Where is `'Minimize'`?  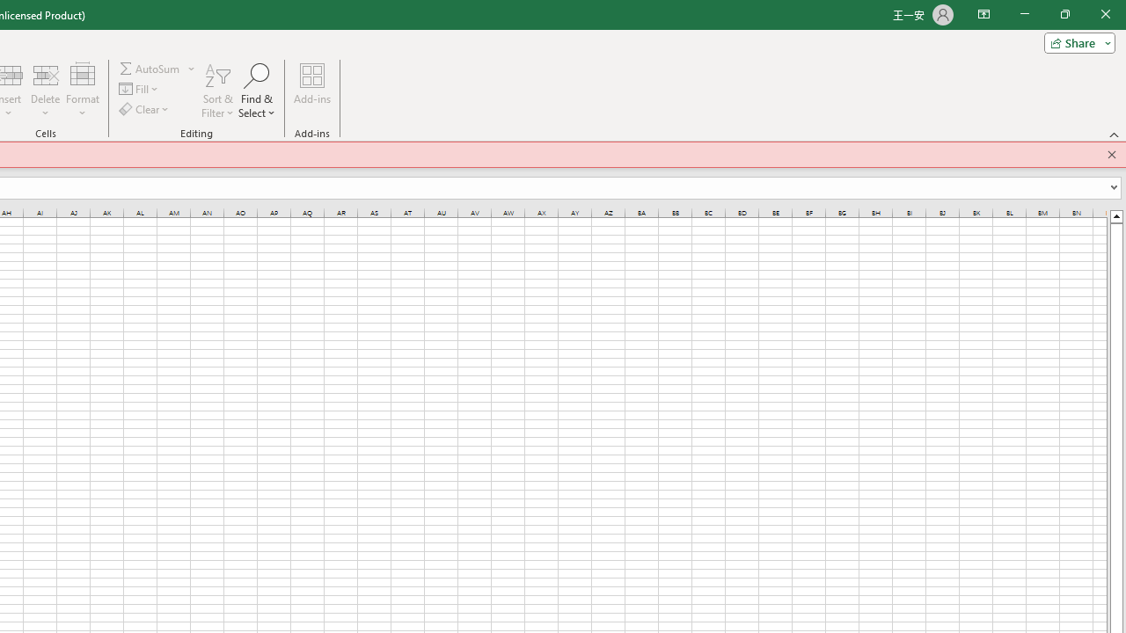
'Minimize' is located at coordinates (1024, 14).